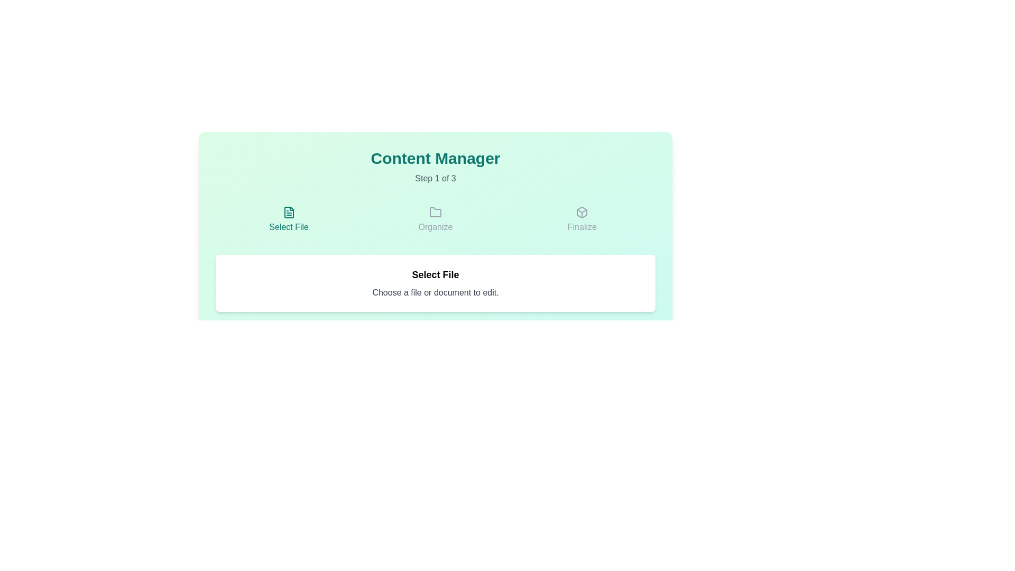 The image size is (1015, 571). I want to click on the folder icon, which is minimalist in design with rounded corners and located in the second column beneath 'Content Manager: Step 1 of 3', so click(436, 212).